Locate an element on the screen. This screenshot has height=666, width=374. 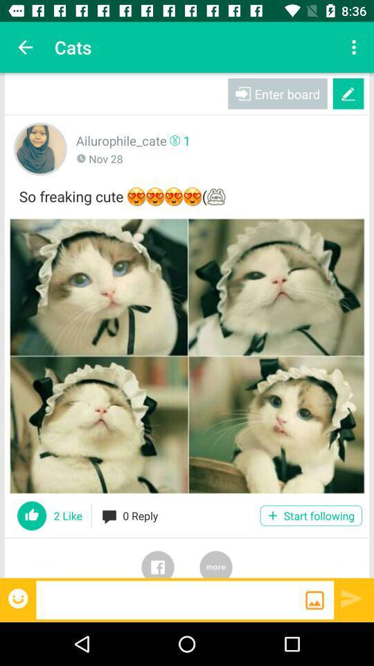
open emoji menu is located at coordinates (19, 597).